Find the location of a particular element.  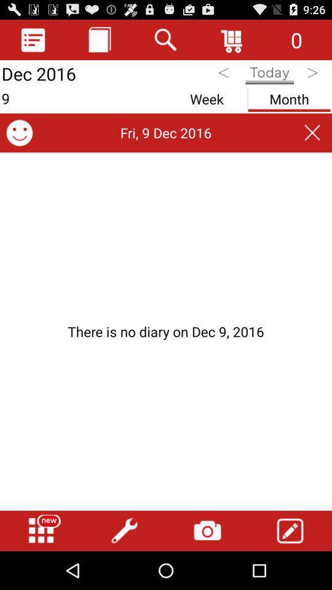

tomorrow is located at coordinates (314, 74).